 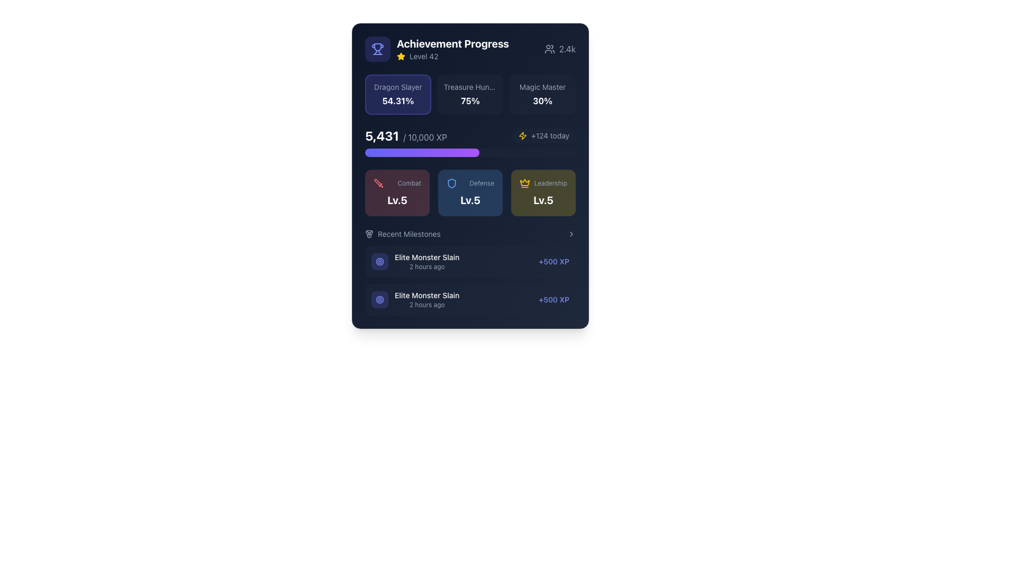 I want to click on the Polygon graphical element representing the sword icon, which is located next to the text 'Combat Lv.5' in a reddish-brown box, so click(x=378, y=182).